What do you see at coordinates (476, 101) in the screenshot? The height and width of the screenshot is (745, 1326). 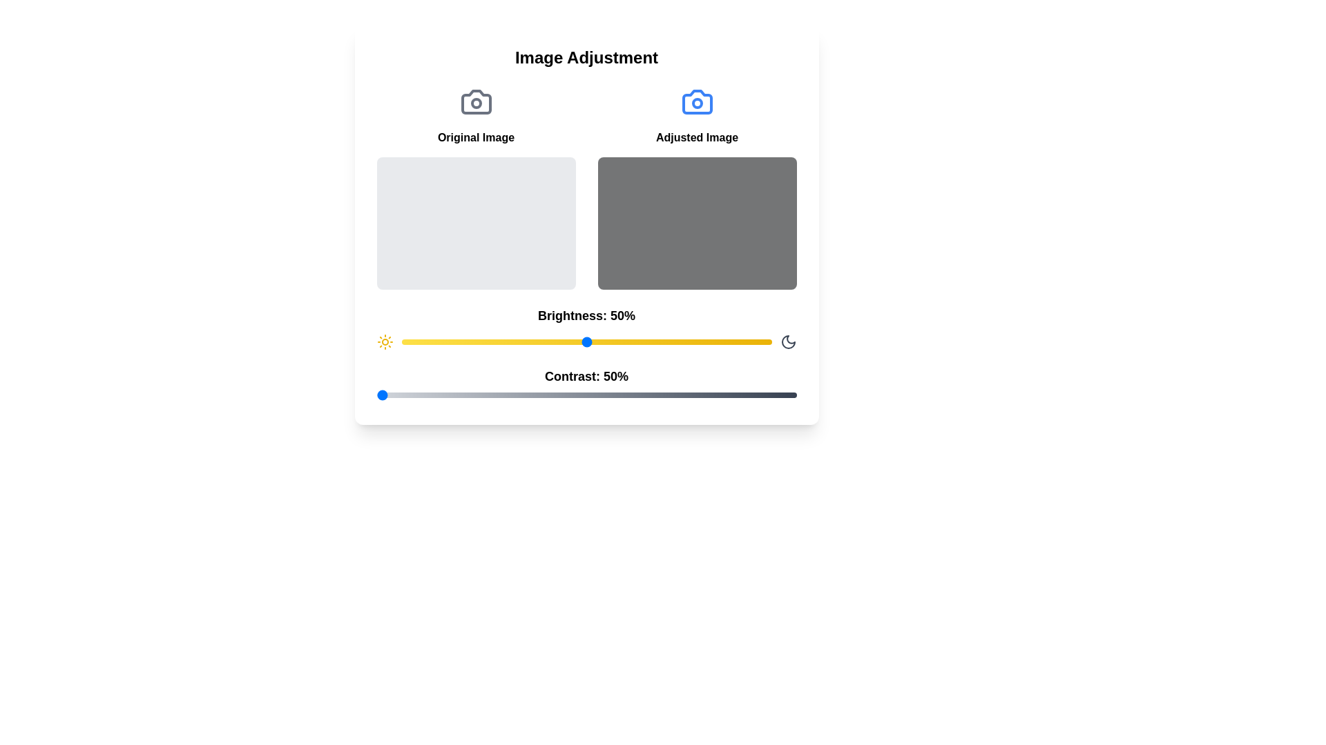 I see `the leftmost camera icon that represents or toggles the 'Original Image' section` at bounding box center [476, 101].